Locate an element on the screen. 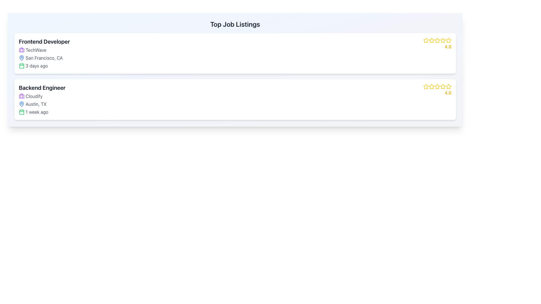 The height and width of the screenshot is (304, 541). the first rating star for the 'Frontend Developer' job listing is located at coordinates (431, 40).